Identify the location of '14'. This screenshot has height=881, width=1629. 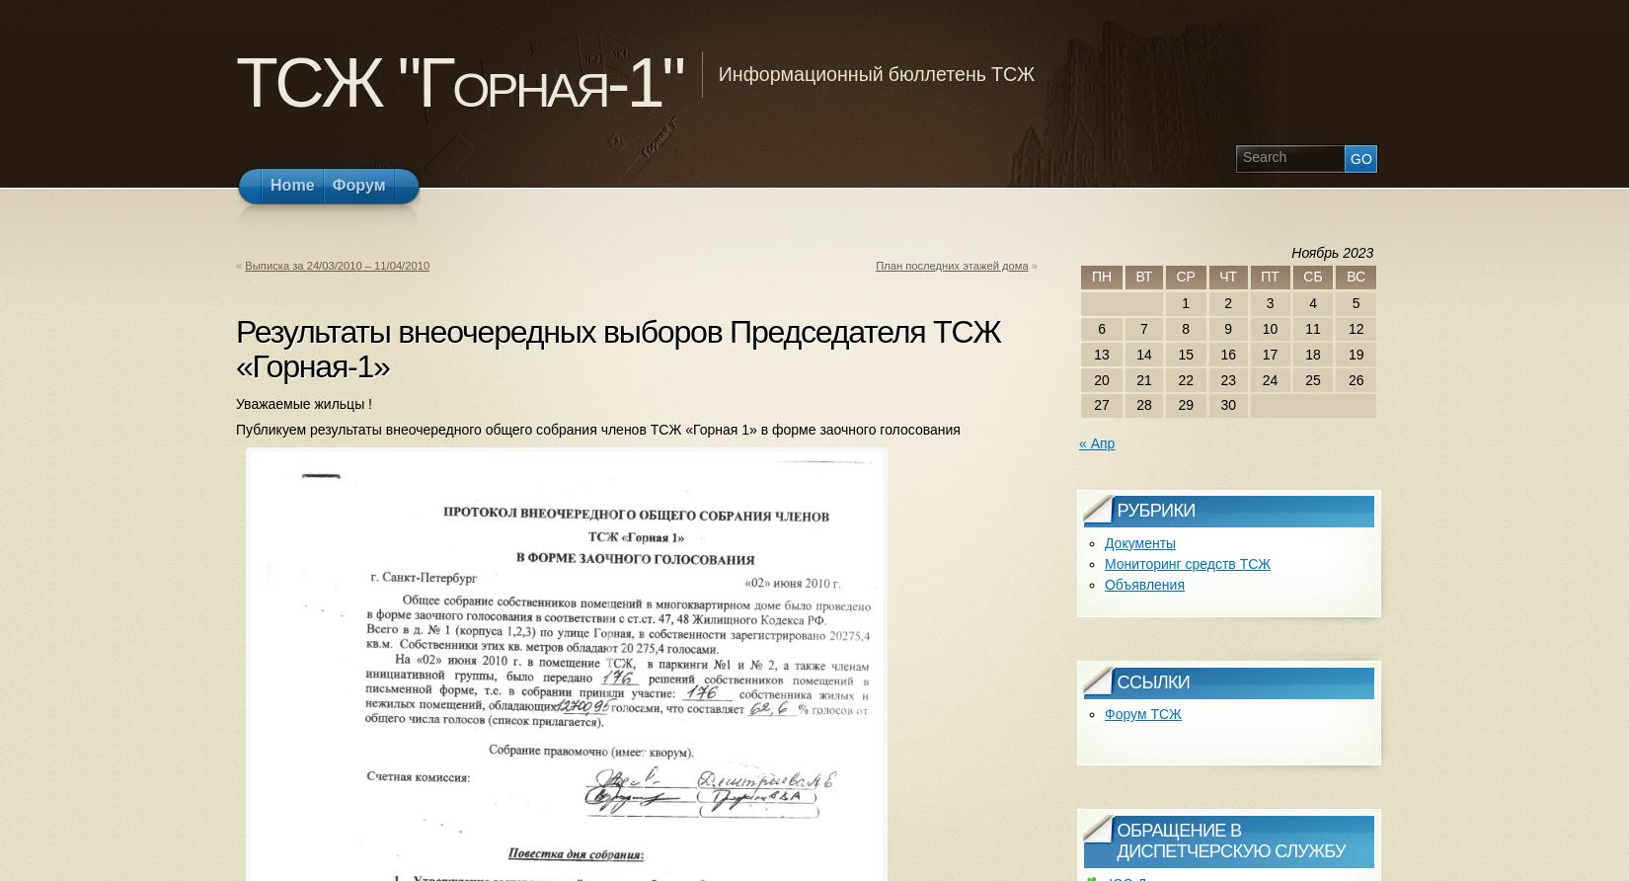
(1143, 352).